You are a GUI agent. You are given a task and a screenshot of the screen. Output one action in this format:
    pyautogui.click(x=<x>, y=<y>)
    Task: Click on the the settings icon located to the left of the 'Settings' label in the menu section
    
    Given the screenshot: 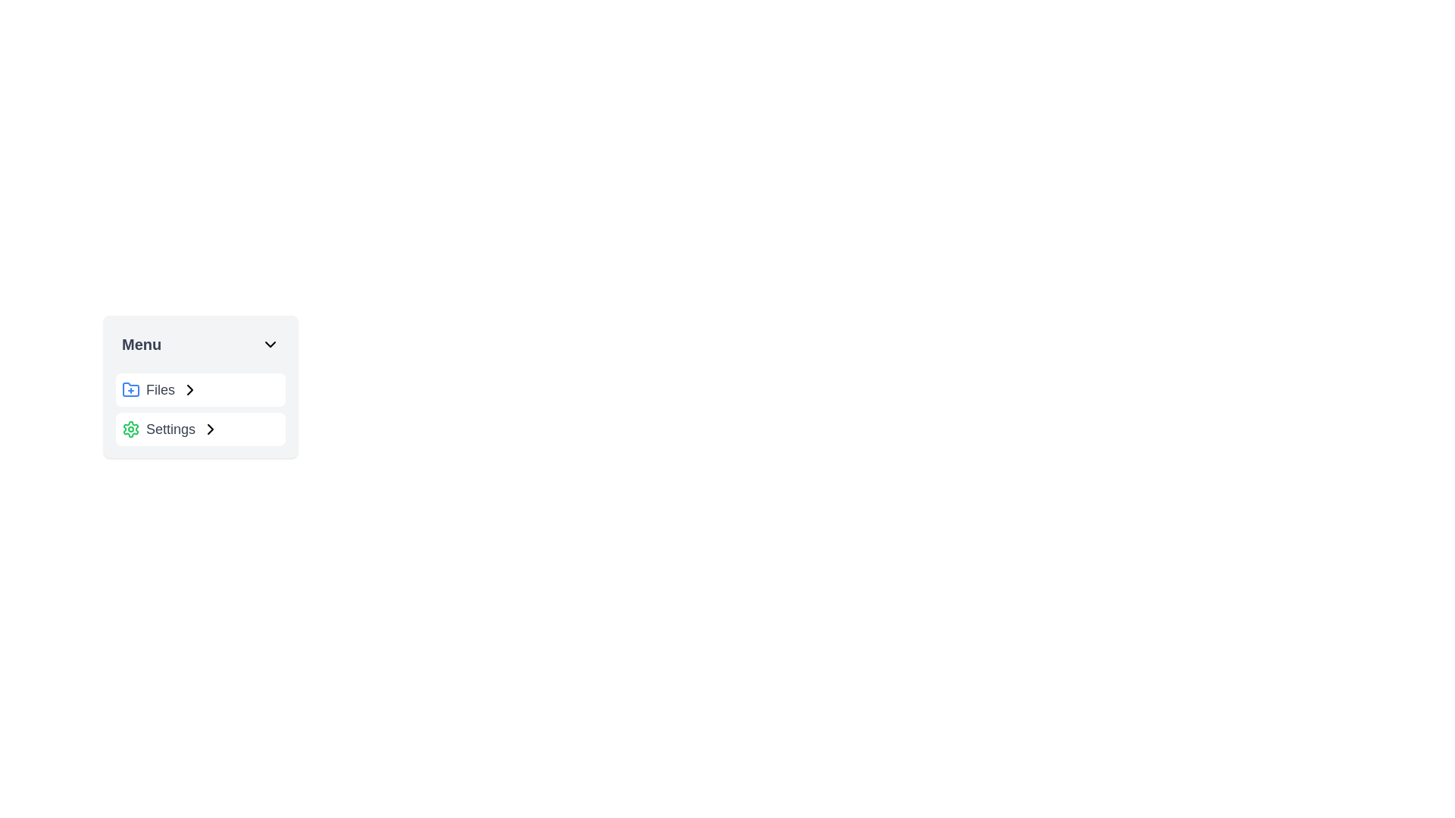 What is the action you would take?
    pyautogui.click(x=130, y=429)
    